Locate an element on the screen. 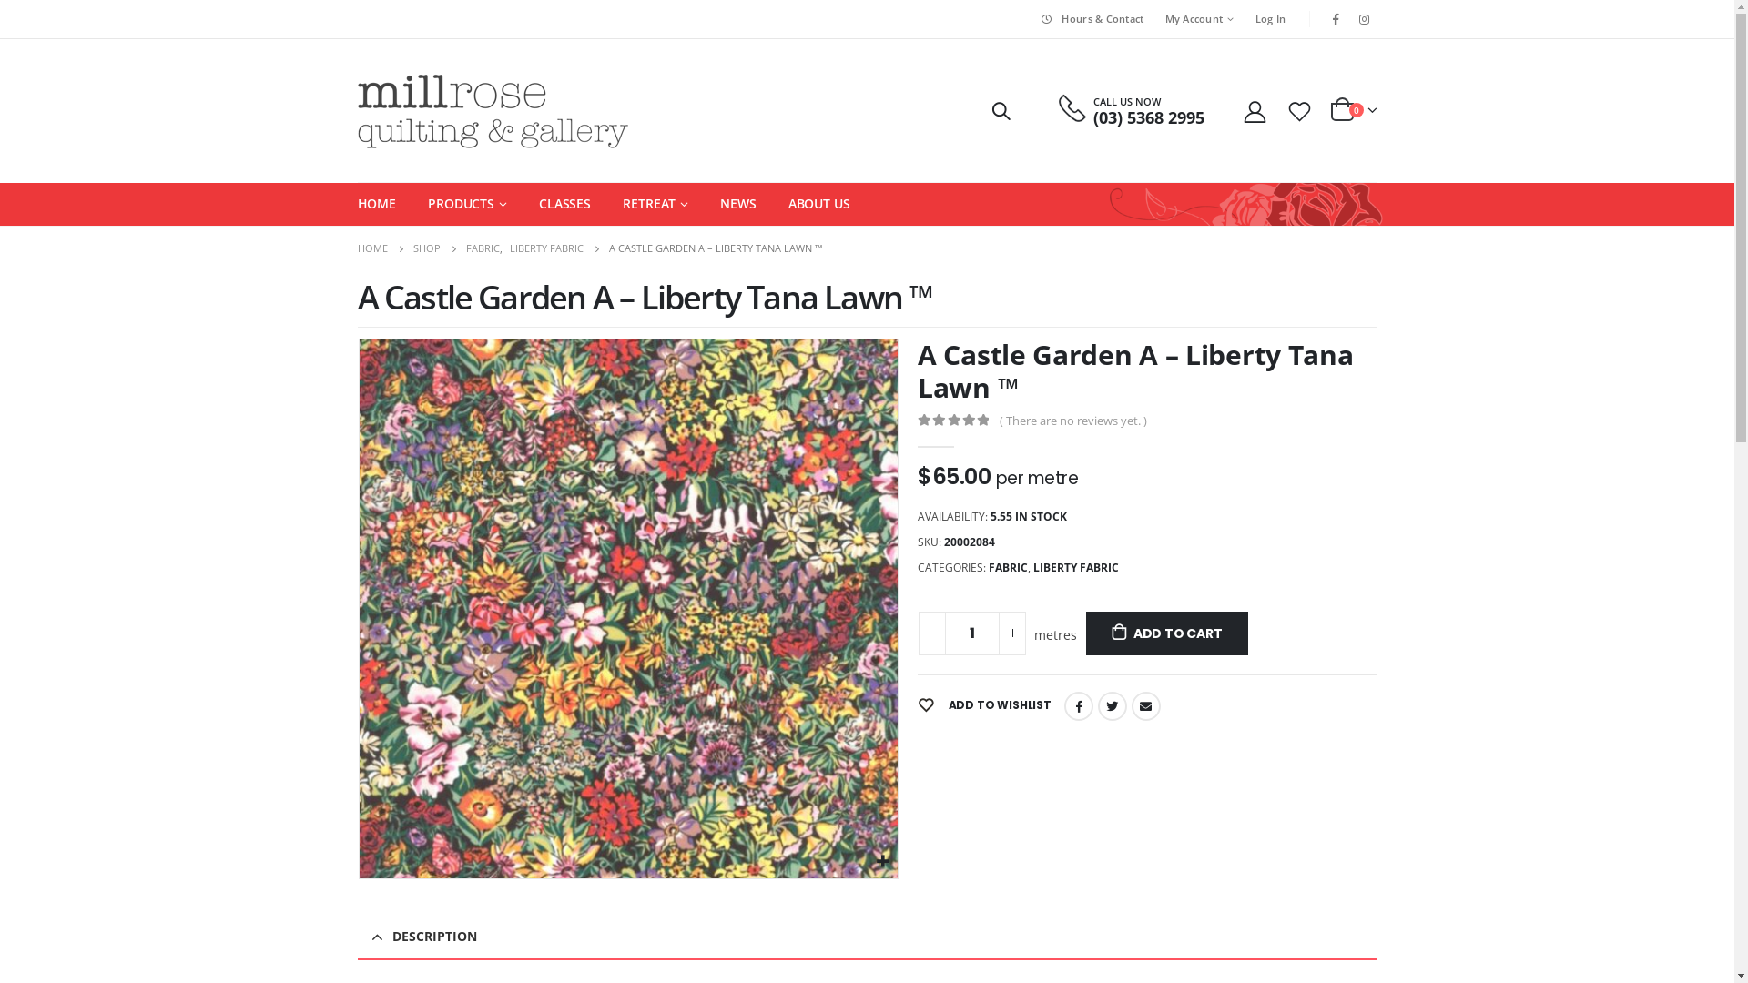 This screenshot has height=983, width=1748. 'Wishlist' is located at coordinates (1297, 110).